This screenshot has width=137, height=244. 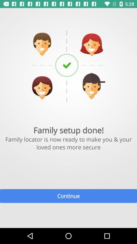 I want to click on the icon below the family locator is icon, so click(x=68, y=196).